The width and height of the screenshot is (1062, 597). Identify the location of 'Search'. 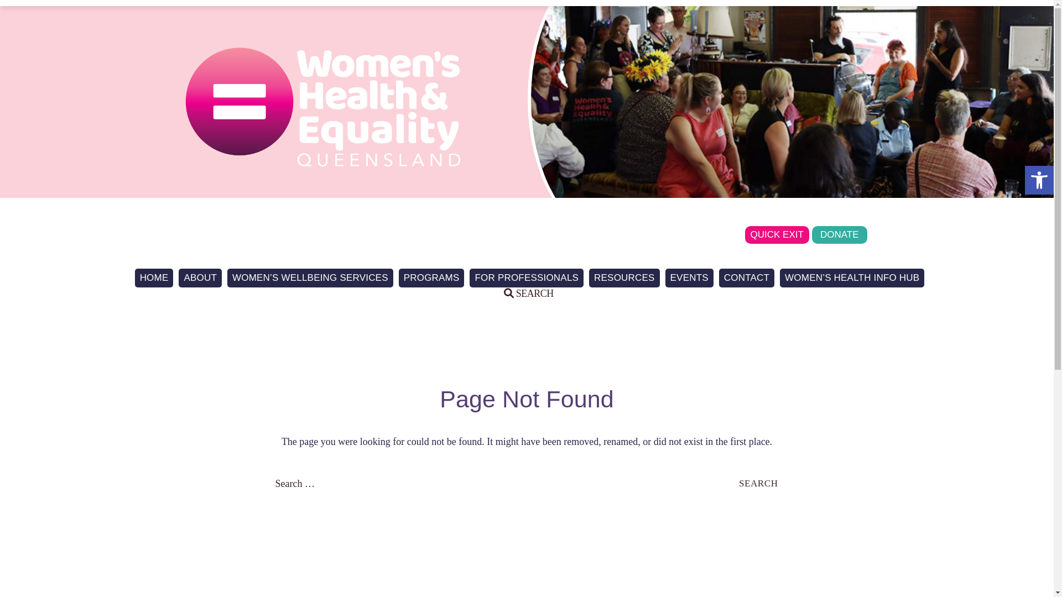
(24, 9).